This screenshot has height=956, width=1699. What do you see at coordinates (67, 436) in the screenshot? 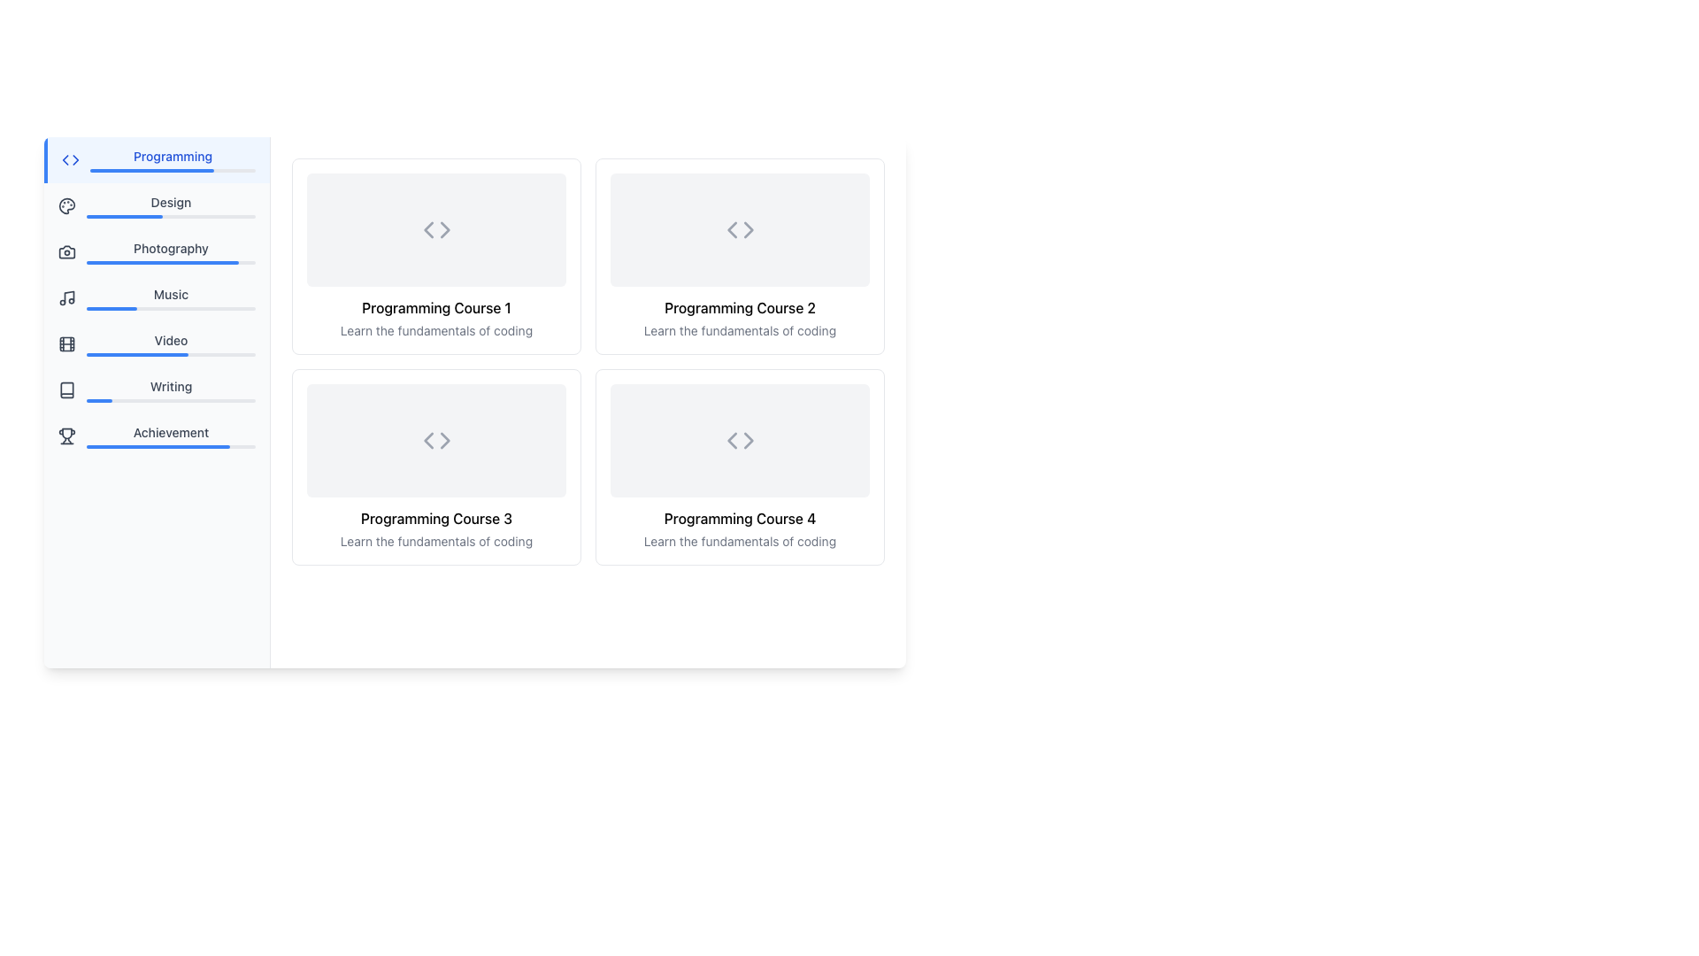
I see `the trophy-shaped icon labeled 'Achievement' located` at bounding box center [67, 436].